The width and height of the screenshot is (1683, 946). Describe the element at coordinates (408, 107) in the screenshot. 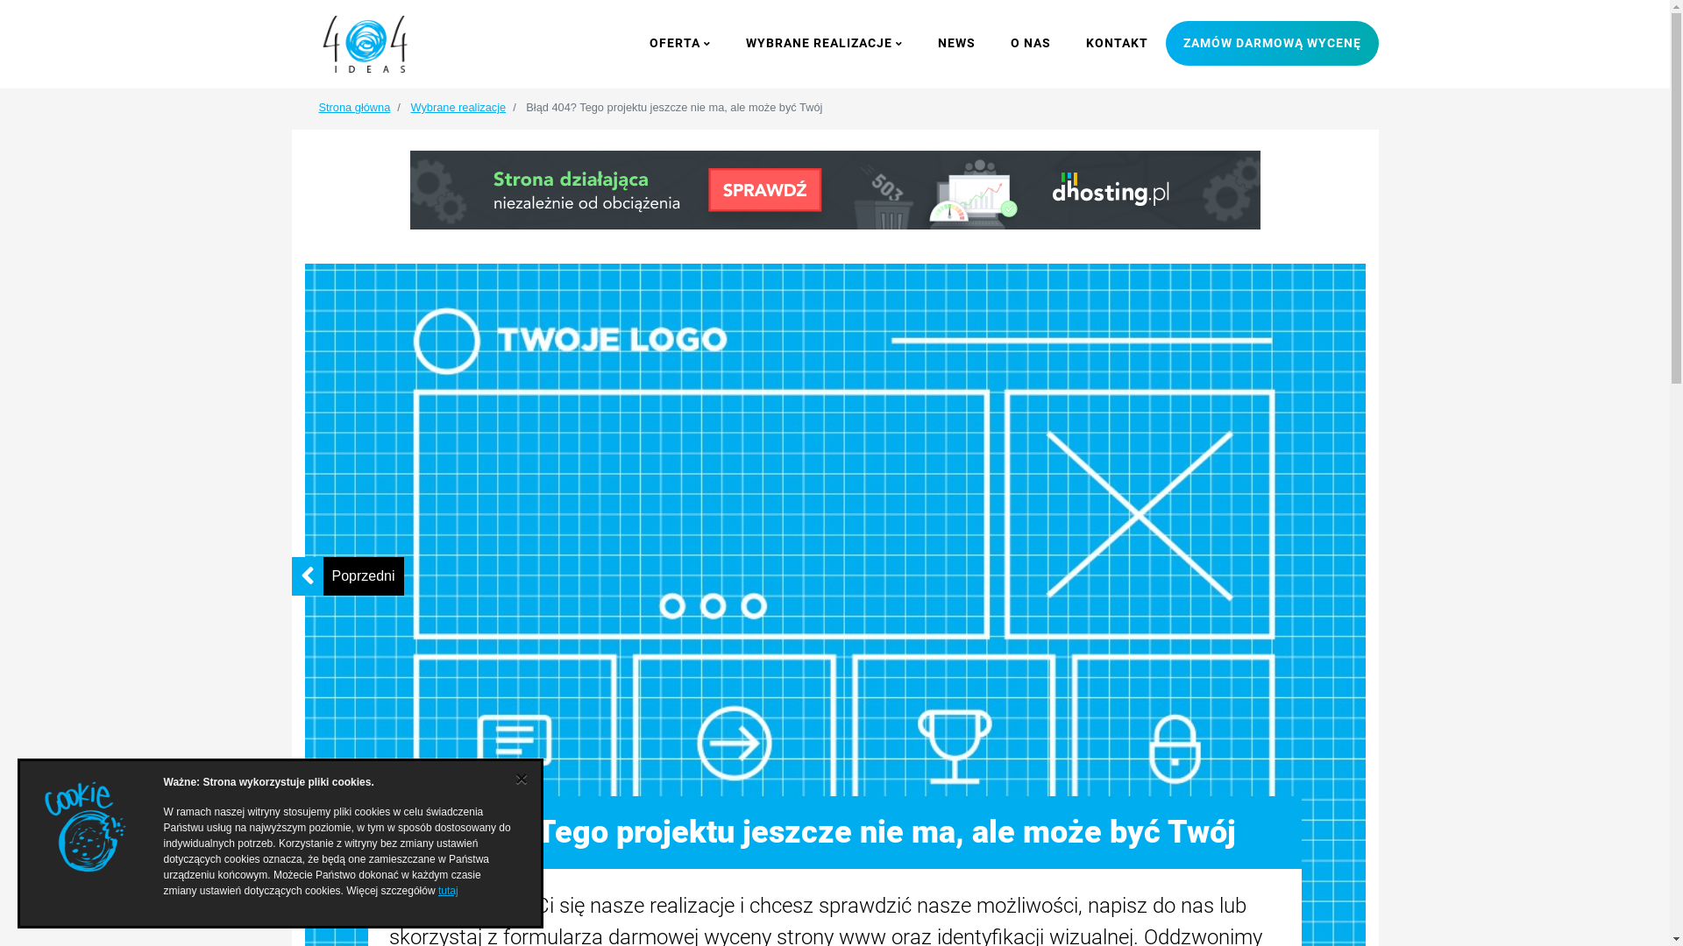

I see `'Wybrane realizacje'` at that location.